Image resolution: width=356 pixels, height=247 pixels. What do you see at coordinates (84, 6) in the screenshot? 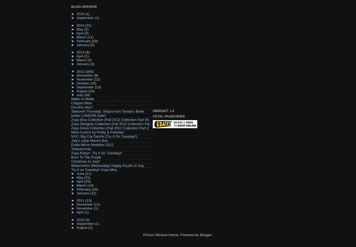
I see `'Blog Archive'` at bounding box center [84, 6].